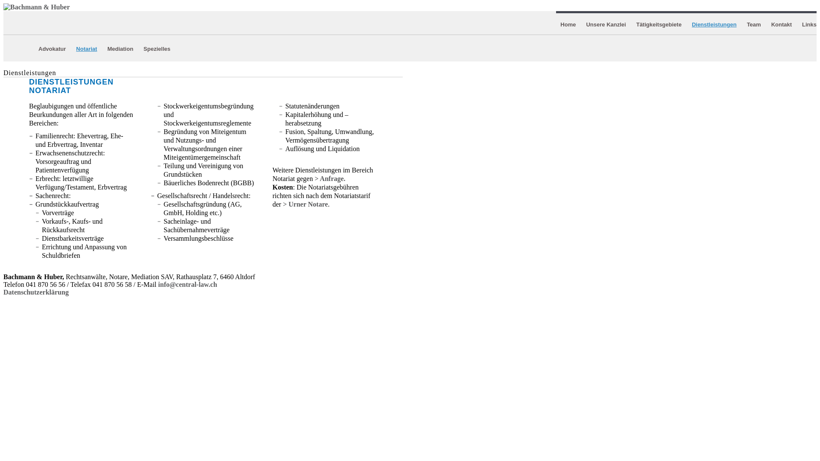 This screenshot has height=461, width=820. I want to click on 'info@central-law.ch', so click(187, 284).